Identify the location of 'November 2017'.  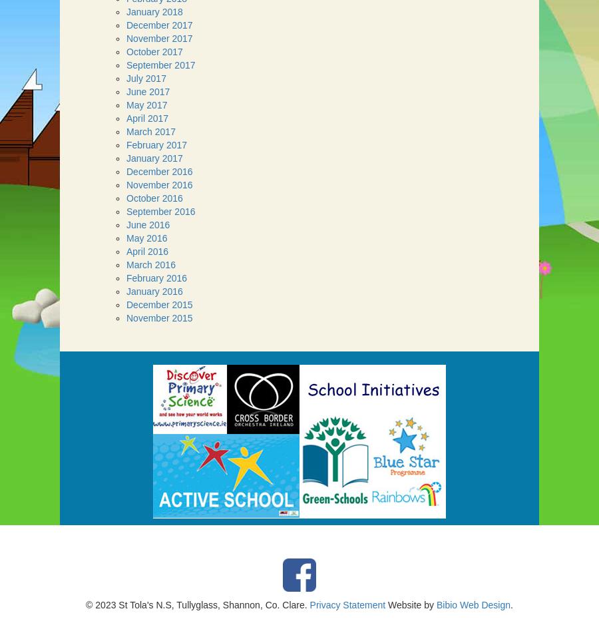
(158, 38).